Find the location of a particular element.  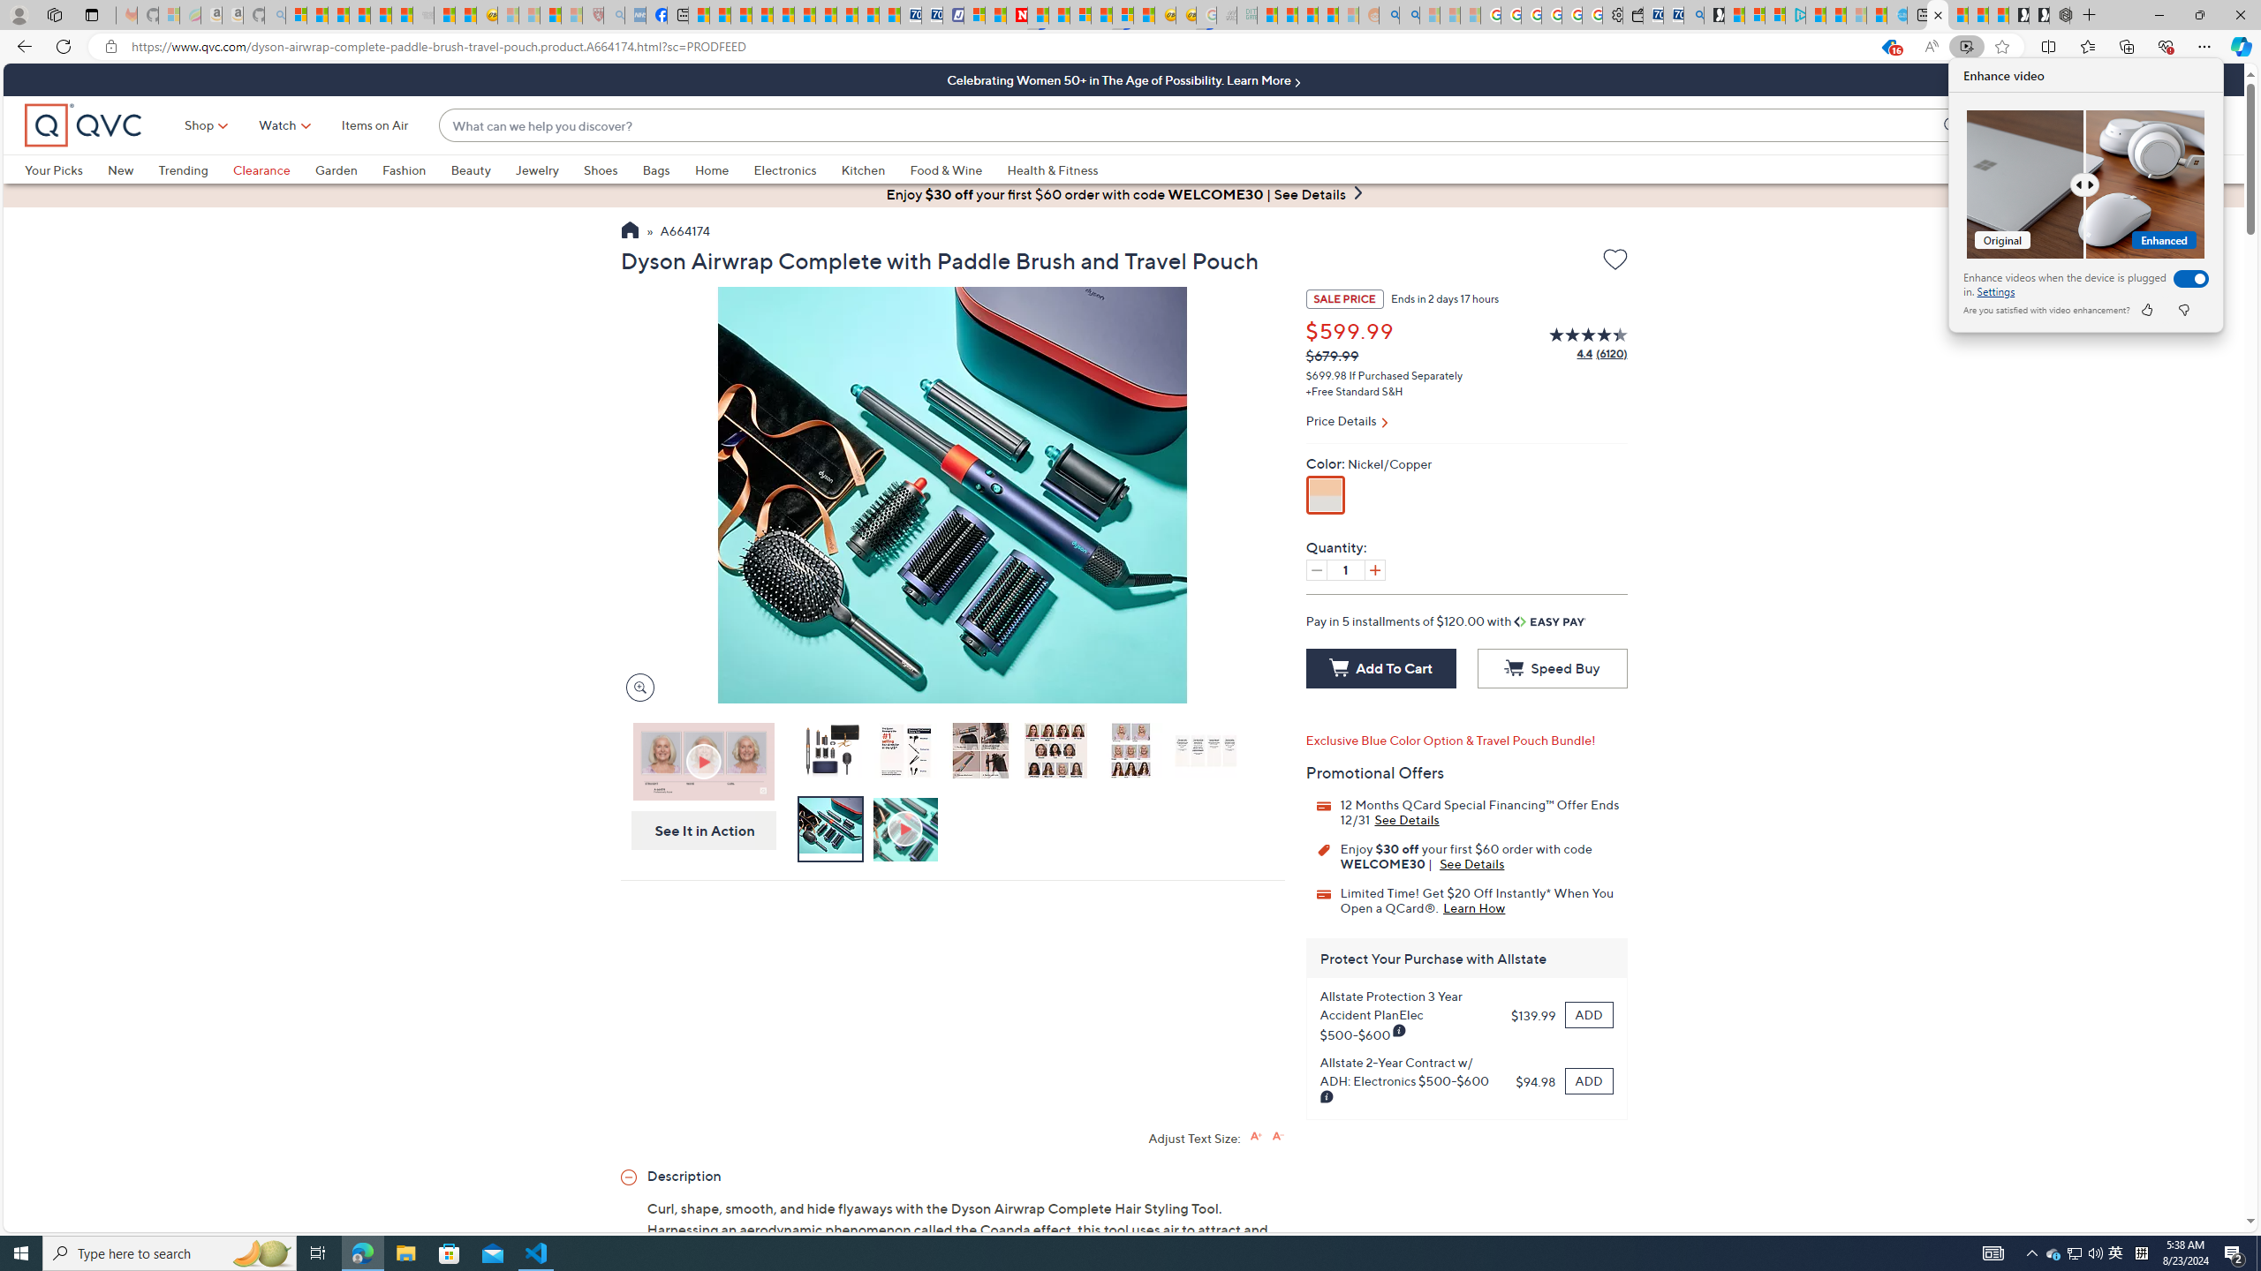

'New' is located at coordinates (118, 169).